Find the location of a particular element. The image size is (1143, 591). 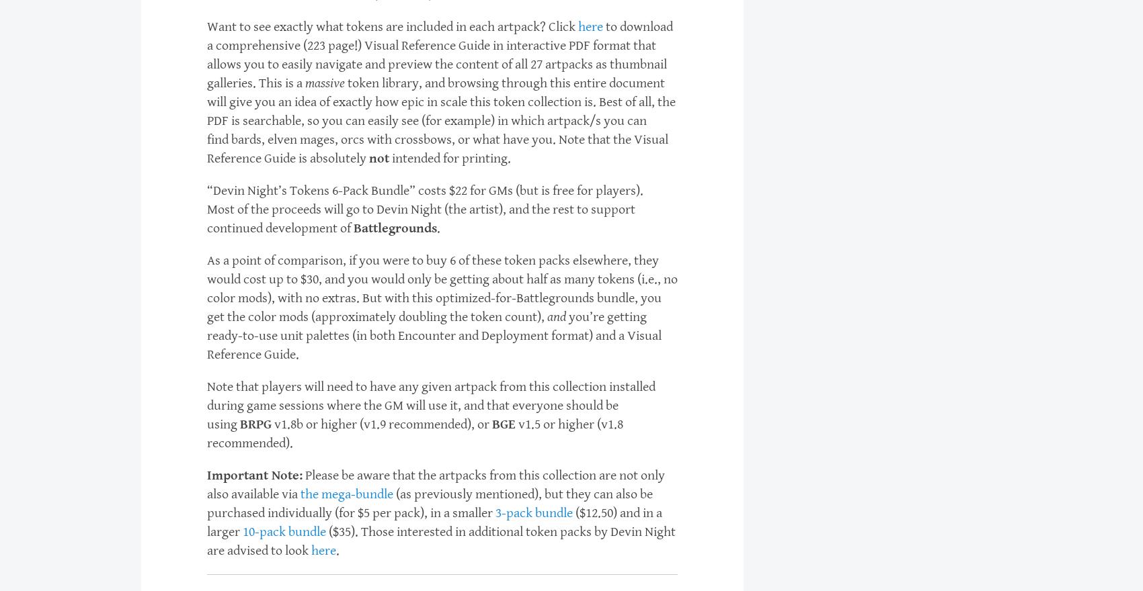

'($12.50) and in a larger' is located at coordinates (434, 522).